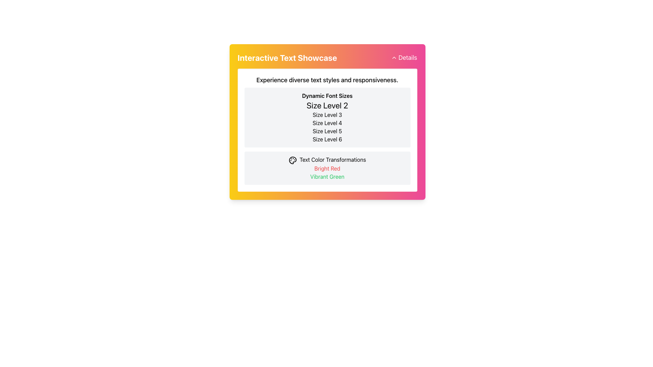 The height and width of the screenshot is (367, 653). Describe the element at coordinates (327, 176) in the screenshot. I see `the text label 'Vibrant Green' which is styled with a green font color and located below 'Bright Red' in the section labeled 'Text Color Transformations.'` at that location.